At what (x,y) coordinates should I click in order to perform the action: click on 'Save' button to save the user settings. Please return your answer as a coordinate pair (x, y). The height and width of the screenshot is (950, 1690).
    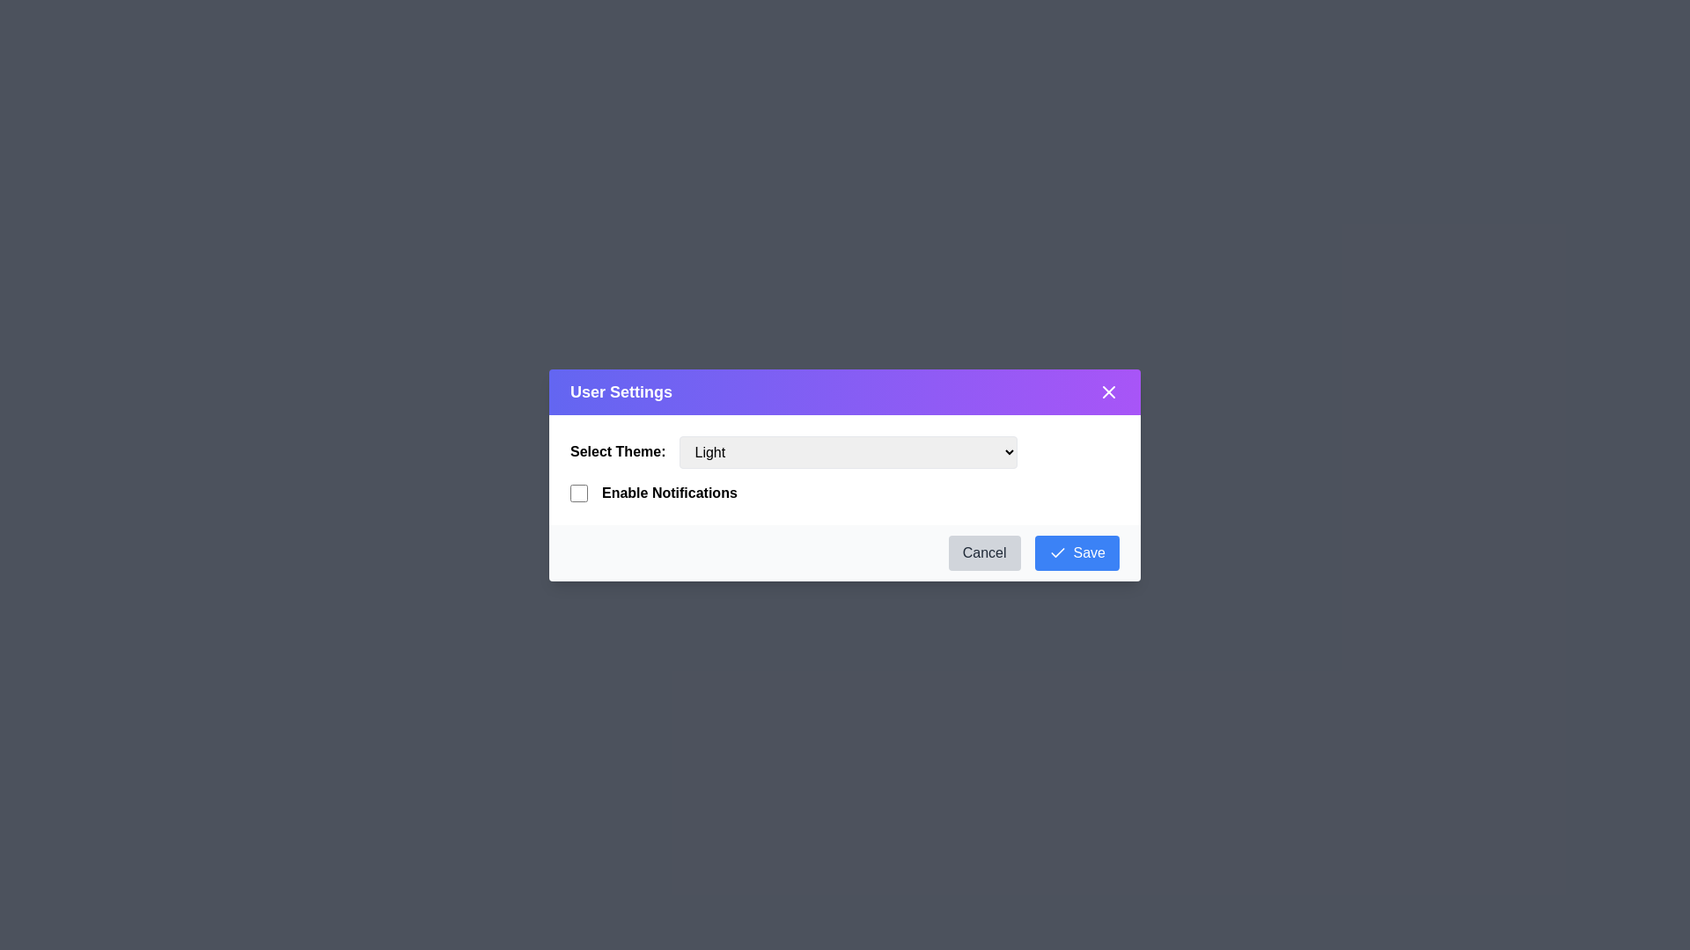
    Looking at the image, I should click on (1076, 552).